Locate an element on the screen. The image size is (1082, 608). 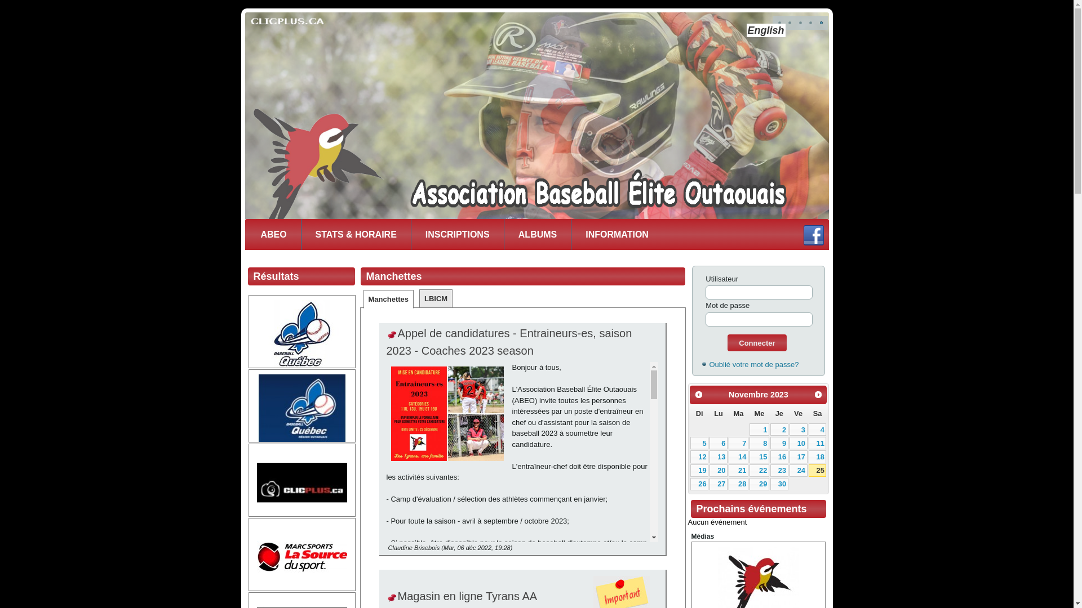
'4' is located at coordinates (808, 430).